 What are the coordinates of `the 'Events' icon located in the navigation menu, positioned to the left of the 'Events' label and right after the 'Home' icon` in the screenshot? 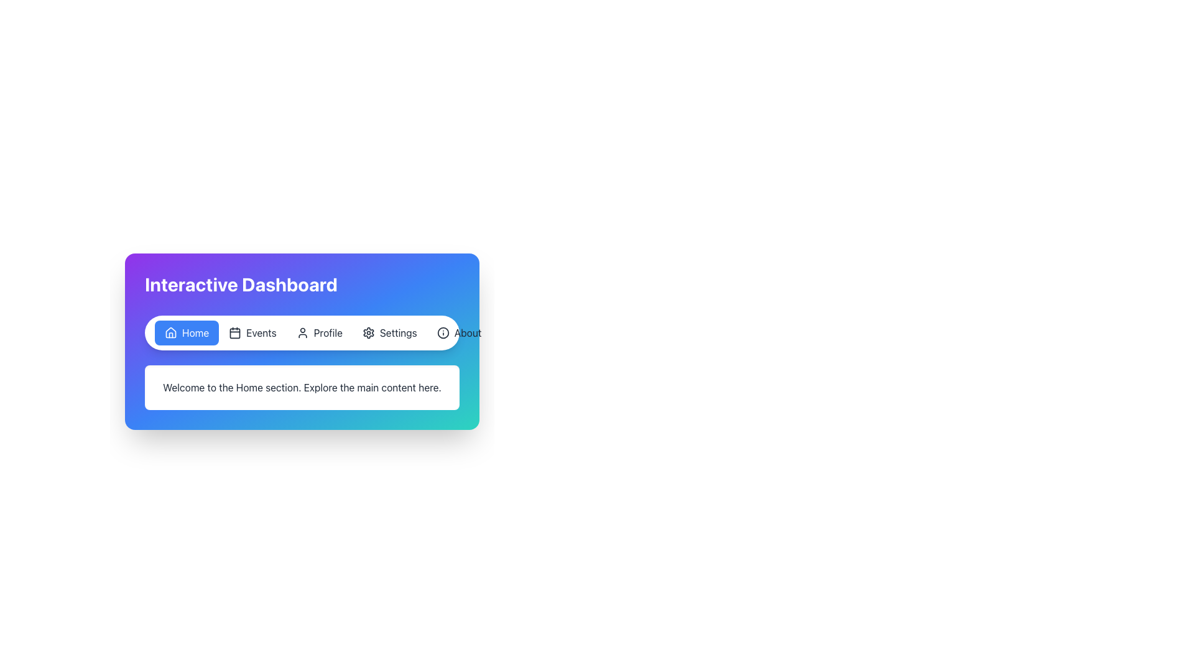 It's located at (235, 332).